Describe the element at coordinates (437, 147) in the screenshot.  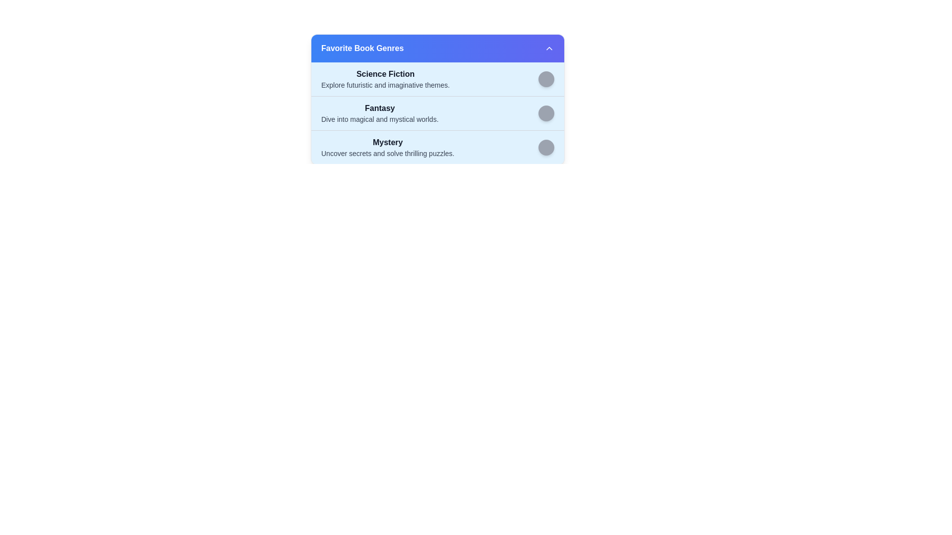
I see `the third item in the 'Favorite Book Genres' list titled 'Mystery', which has a light blue background and includes a bold title and a circular gray button` at that location.